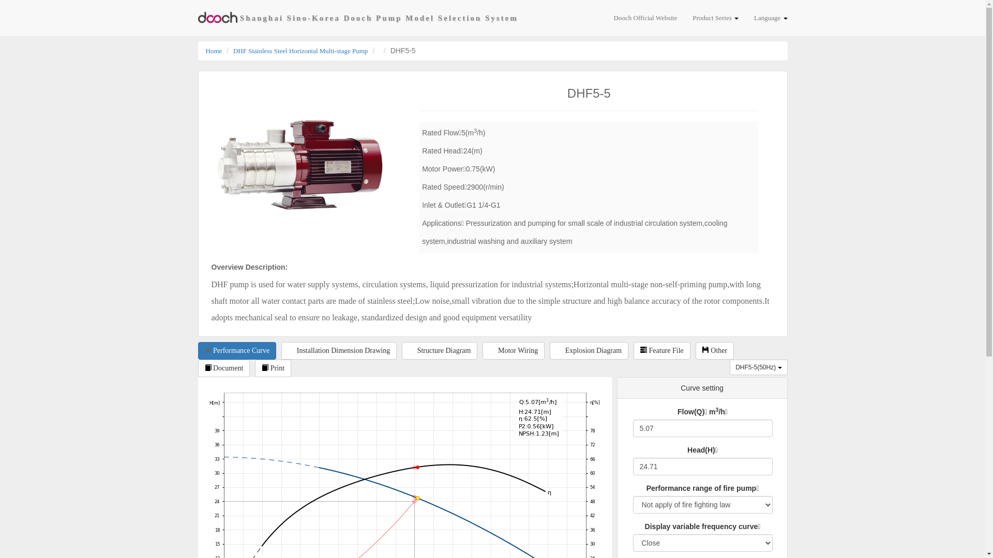  I want to click on 'Feature File', so click(662, 350).